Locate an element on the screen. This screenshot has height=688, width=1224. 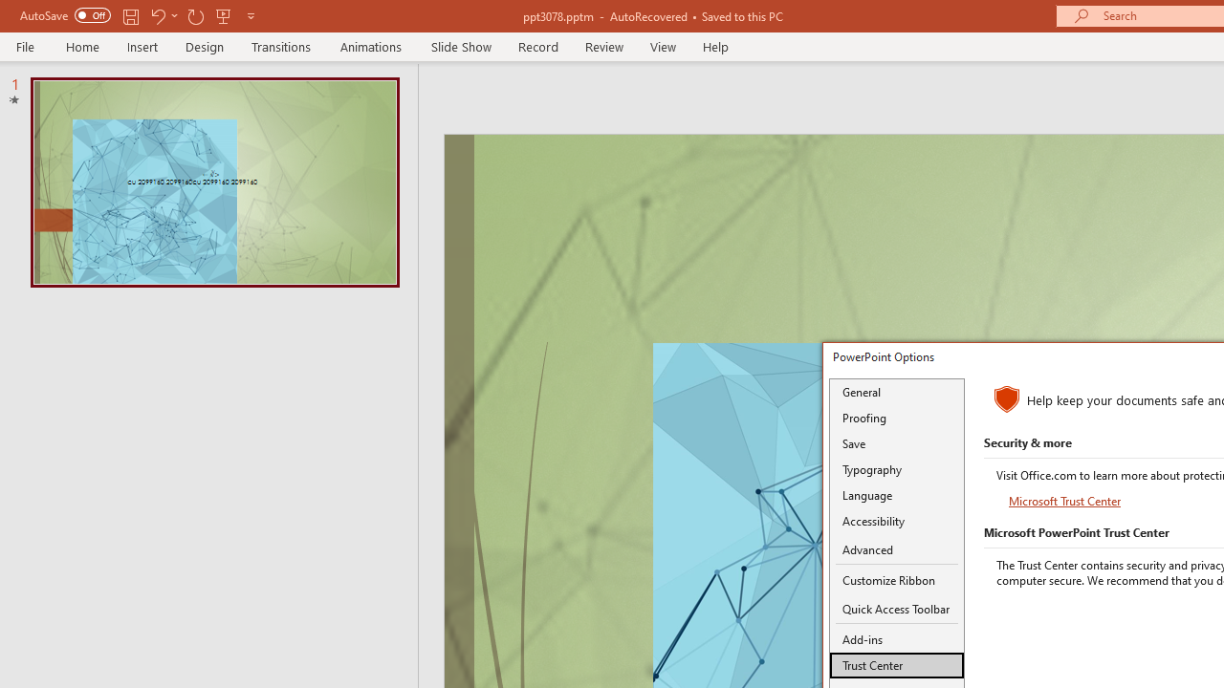
'Language' is located at coordinates (896, 494).